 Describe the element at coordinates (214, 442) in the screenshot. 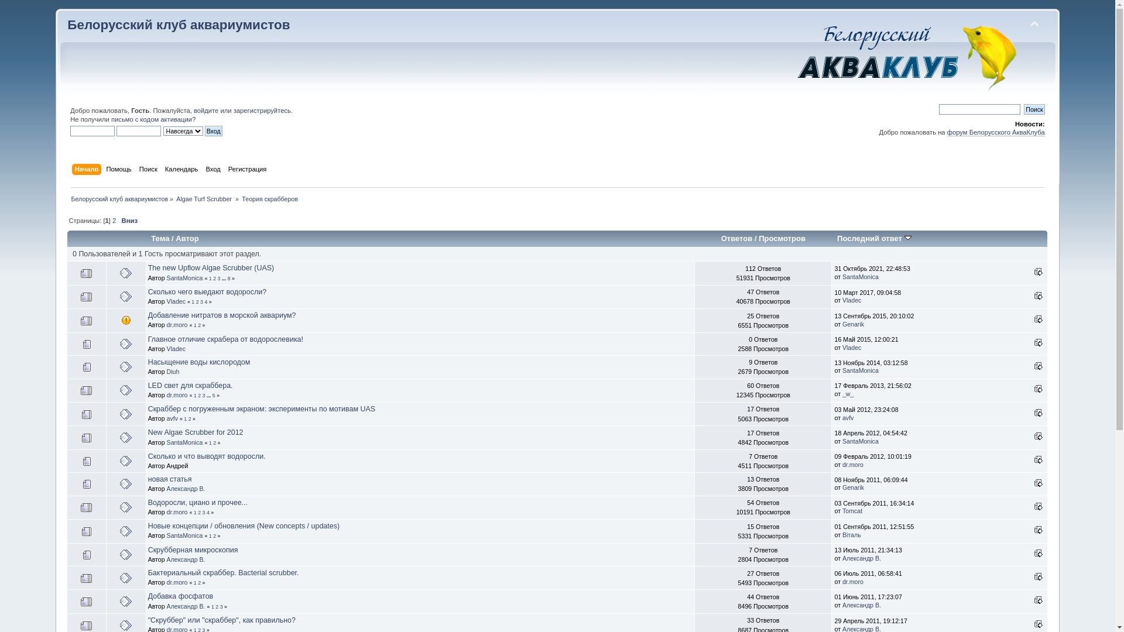

I see `'2'` at that location.